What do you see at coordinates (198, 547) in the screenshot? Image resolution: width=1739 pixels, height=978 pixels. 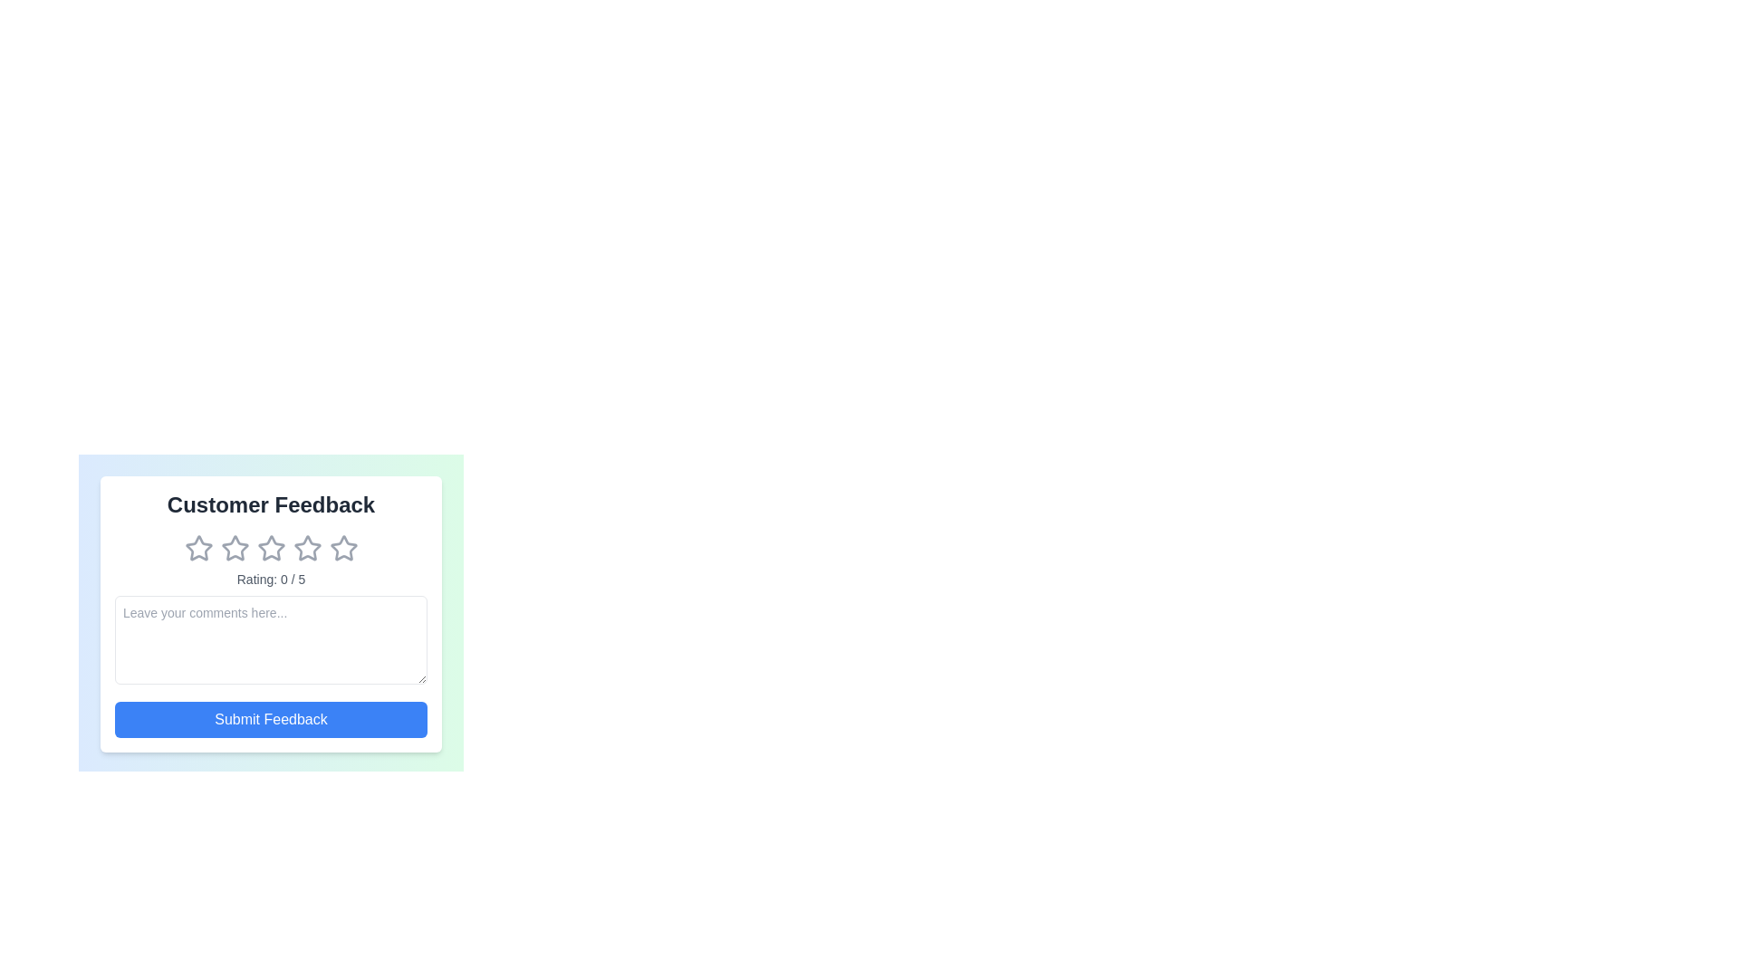 I see `the star corresponding to the desired rating 1` at bounding box center [198, 547].